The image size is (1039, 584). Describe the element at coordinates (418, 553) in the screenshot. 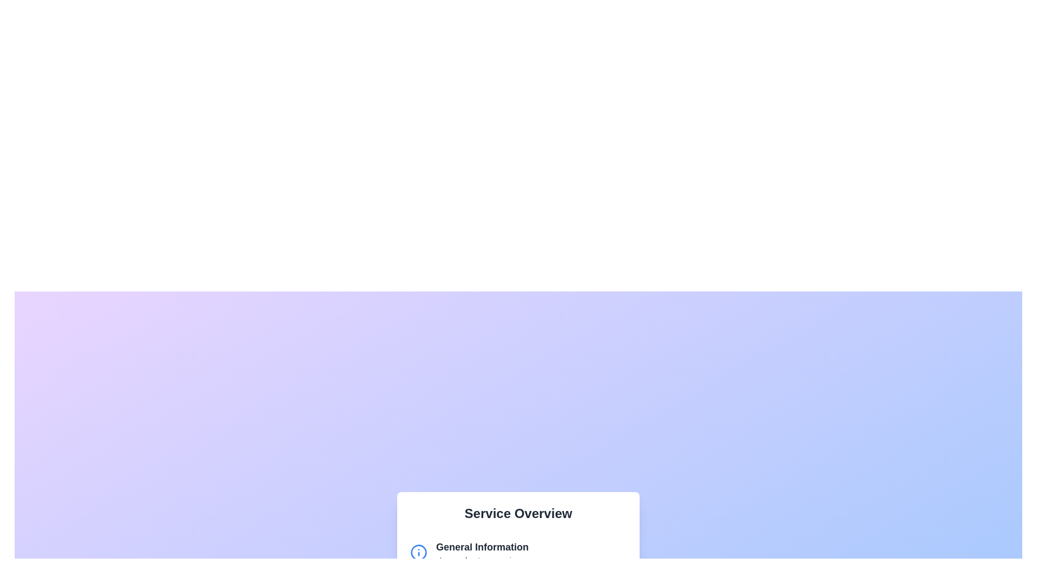

I see `the blue circular icon with an 'i' symbol located to the left of the text 'General Information'` at that location.